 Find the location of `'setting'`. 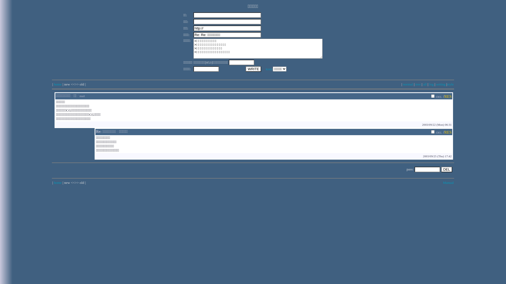

'setting' is located at coordinates (441, 84).